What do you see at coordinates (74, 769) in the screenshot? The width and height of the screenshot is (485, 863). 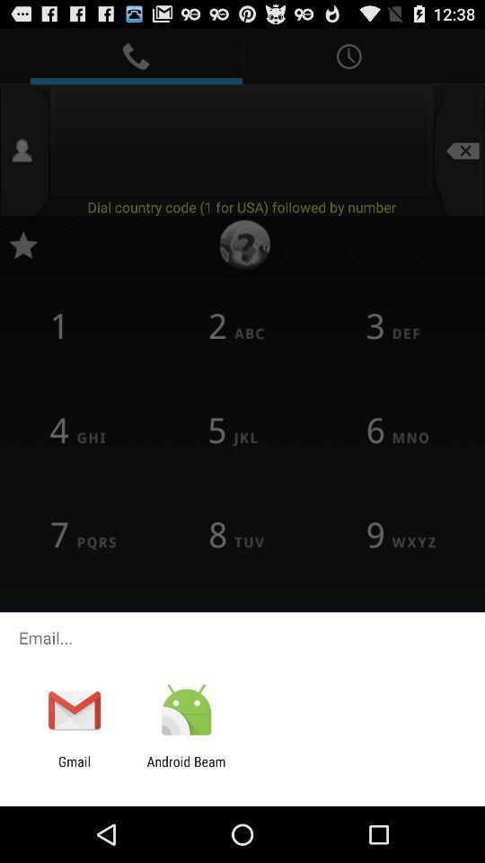 I see `gmail app` at bounding box center [74, 769].